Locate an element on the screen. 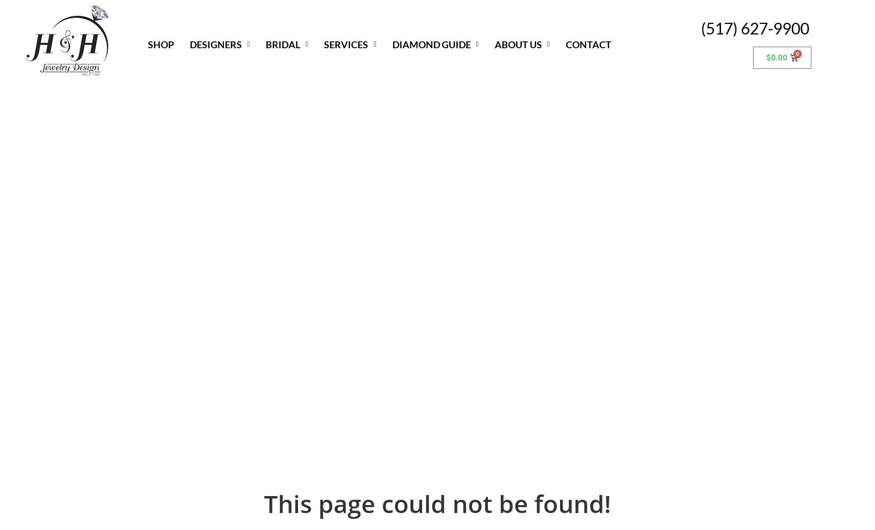  'JYE' is located at coordinates (200, 187).